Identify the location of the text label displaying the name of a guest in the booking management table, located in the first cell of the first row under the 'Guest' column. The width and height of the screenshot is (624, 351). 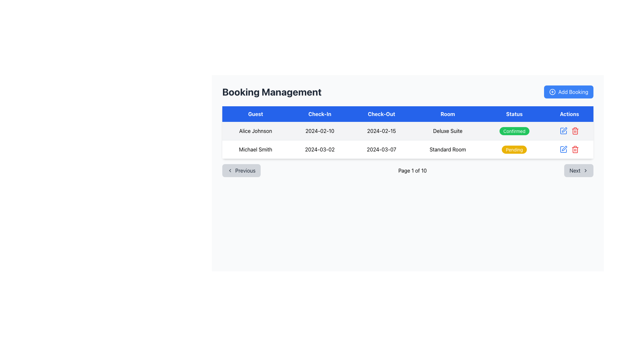
(255, 131).